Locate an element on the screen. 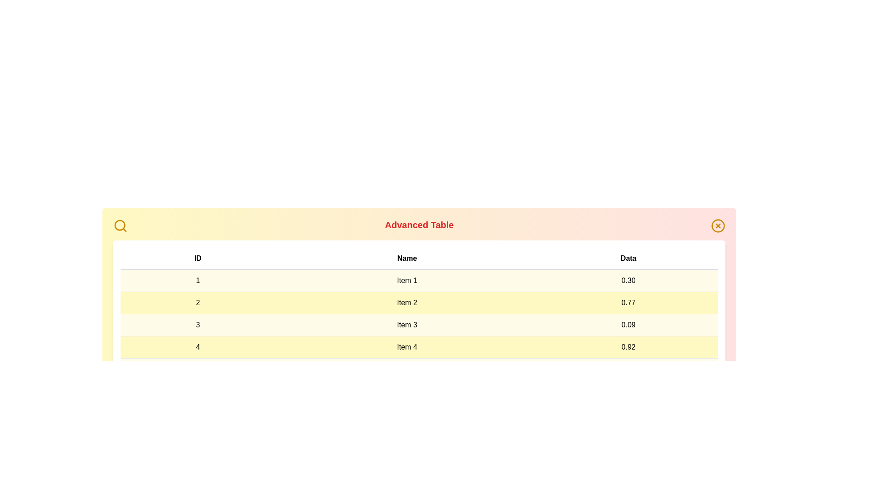 This screenshot has width=870, height=489. the row corresponding to 1 is located at coordinates (419, 280).